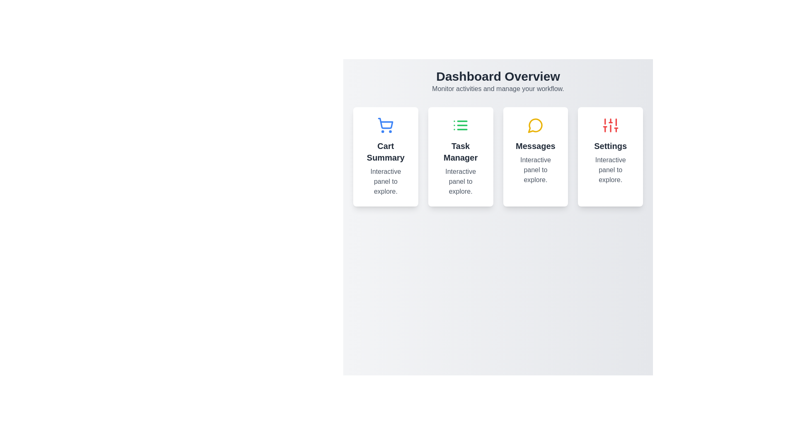 This screenshot has width=796, height=447. I want to click on the text label that reads 'Monitor activities and manage your workflow,' which is positioned directly below the heading 'Dashboard Overview.', so click(498, 89).